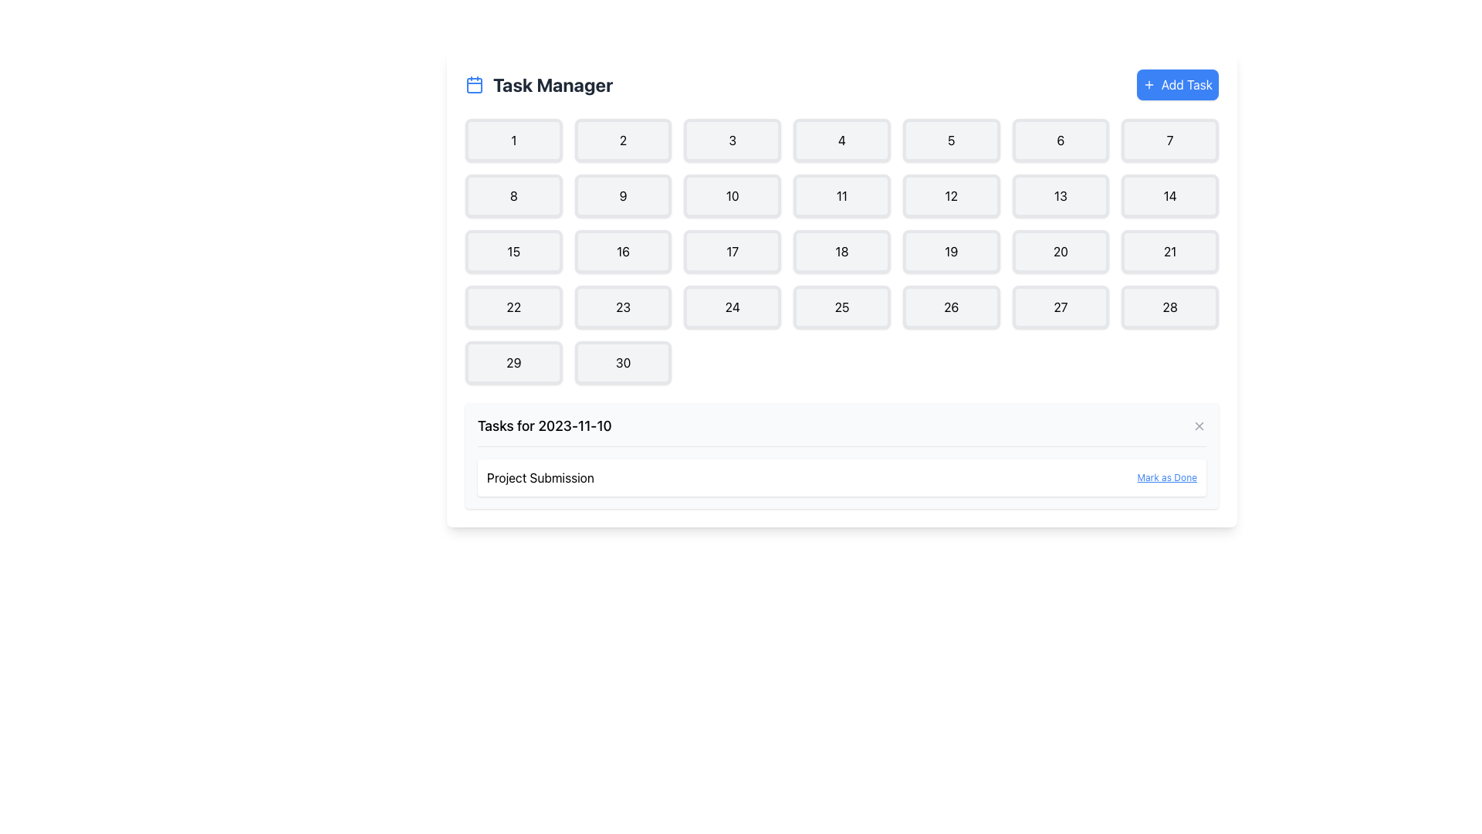 This screenshot has width=1482, height=834. I want to click on the date selection button in the calendar interface located in the third row and seventh column, so click(1170, 251).